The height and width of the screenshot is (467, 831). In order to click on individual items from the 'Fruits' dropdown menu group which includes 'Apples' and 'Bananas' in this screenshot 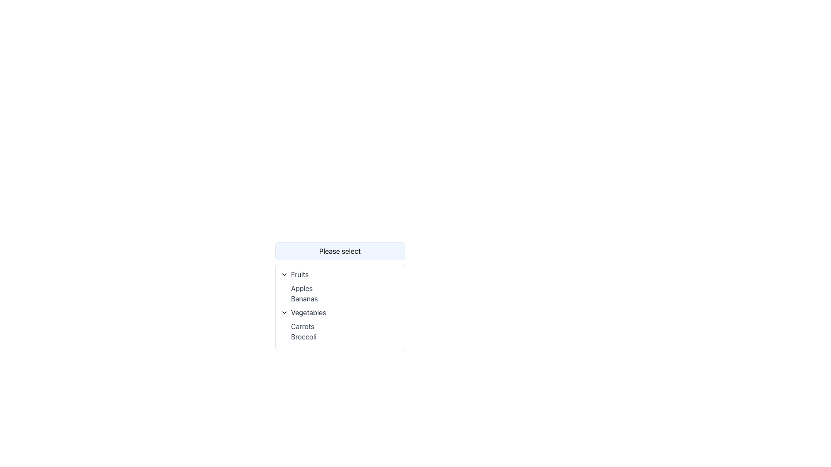, I will do `click(339, 296)`.